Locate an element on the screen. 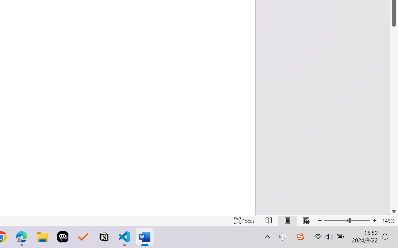  'Line down' is located at coordinates (394, 211).